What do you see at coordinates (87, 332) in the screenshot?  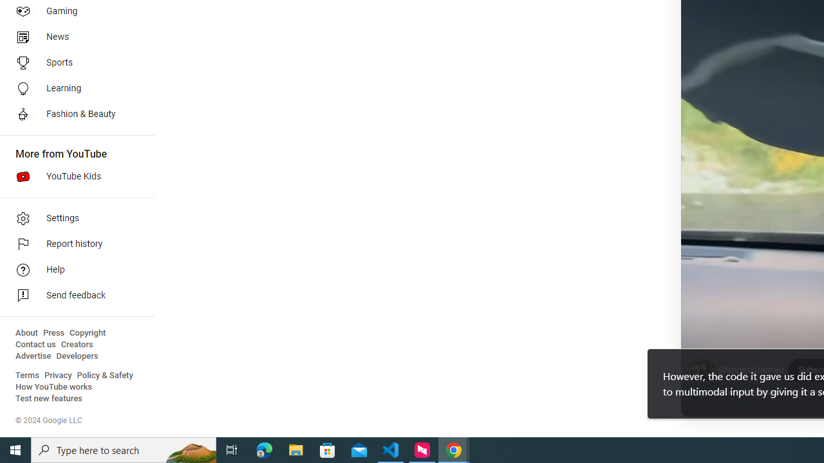 I see `'Copyright'` at bounding box center [87, 332].